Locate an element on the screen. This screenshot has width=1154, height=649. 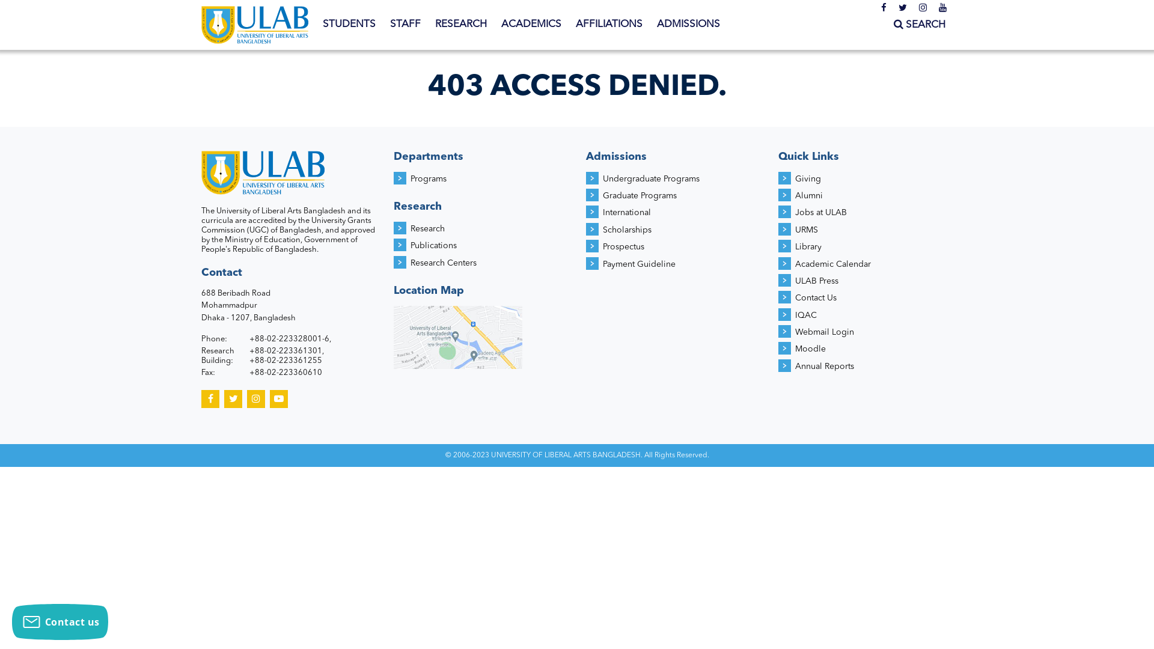
'Payment Guideline' is located at coordinates (638, 263).